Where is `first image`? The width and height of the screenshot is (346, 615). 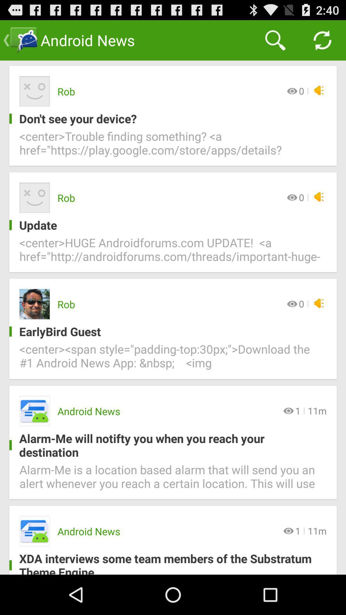
first image is located at coordinates (35, 91).